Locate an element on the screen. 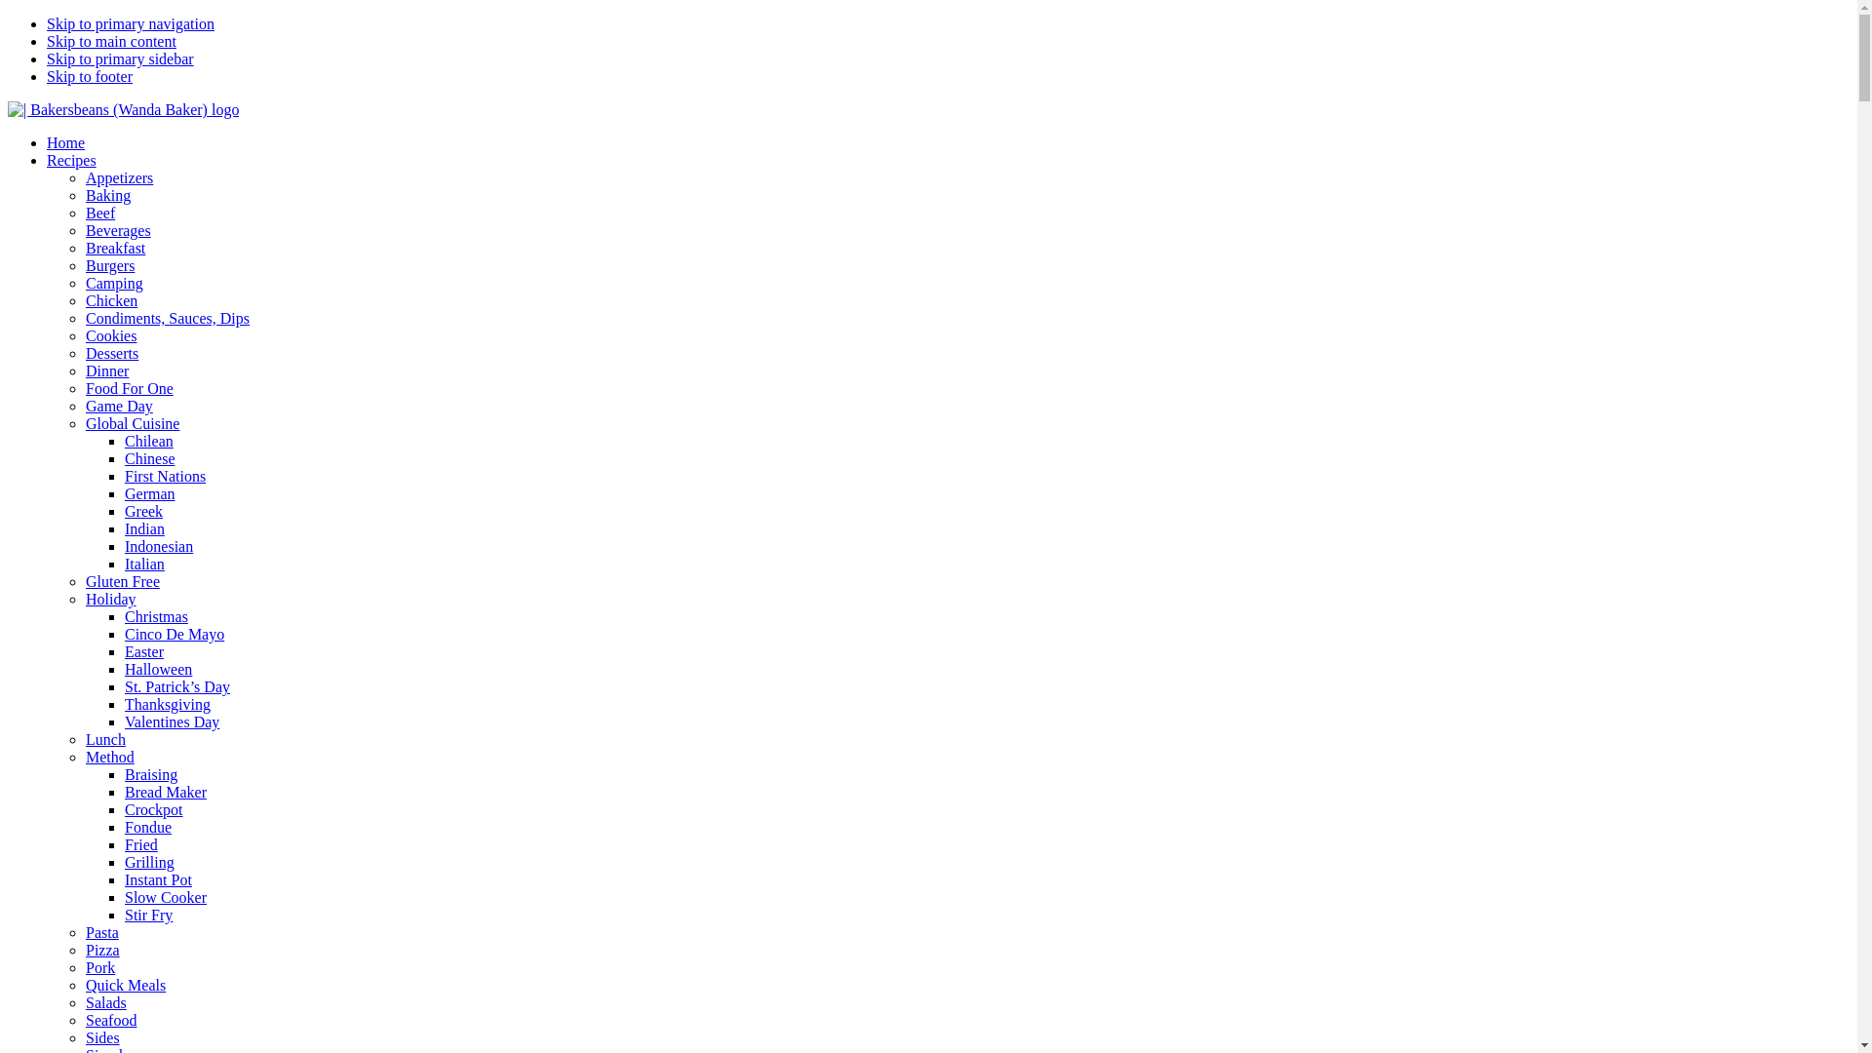 The height and width of the screenshot is (1053, 1872). 'Braising' is located at coordinates (124, 773).